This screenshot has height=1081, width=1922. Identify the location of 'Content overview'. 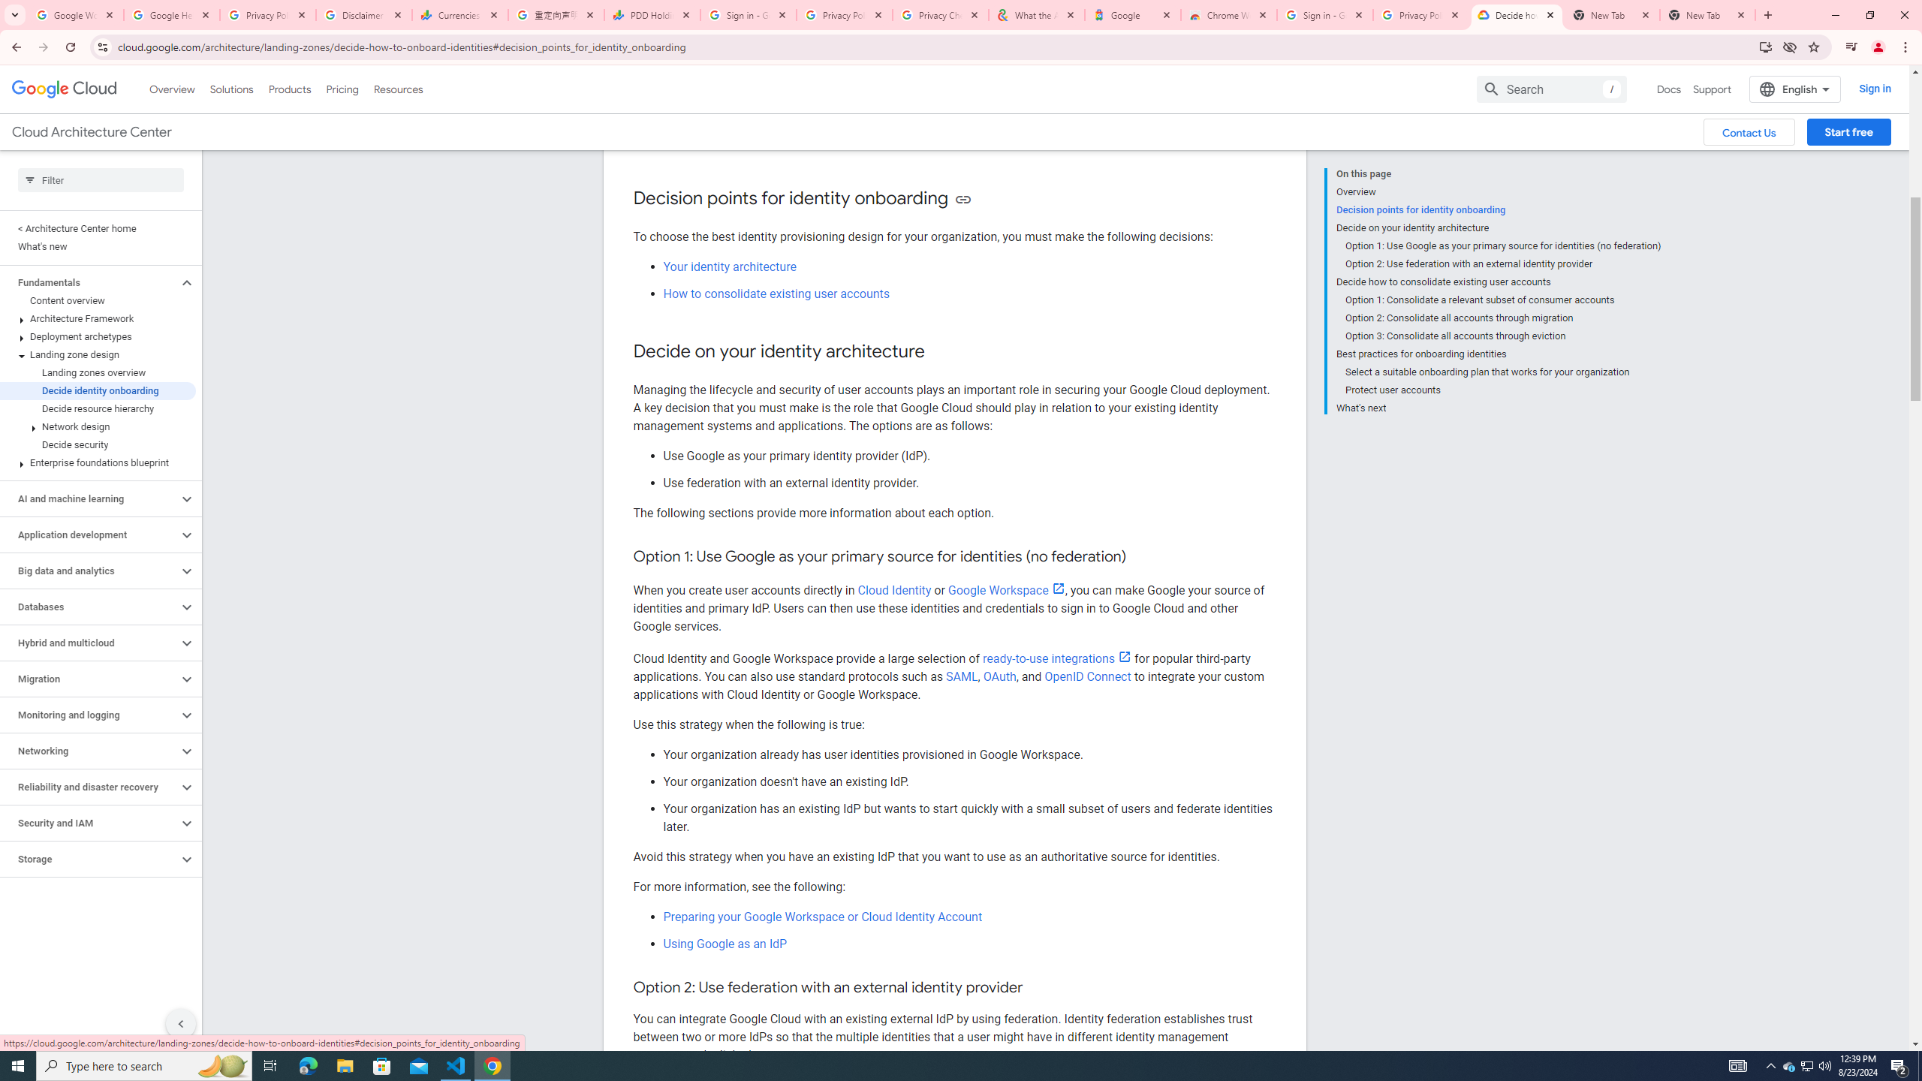
(98, 301).